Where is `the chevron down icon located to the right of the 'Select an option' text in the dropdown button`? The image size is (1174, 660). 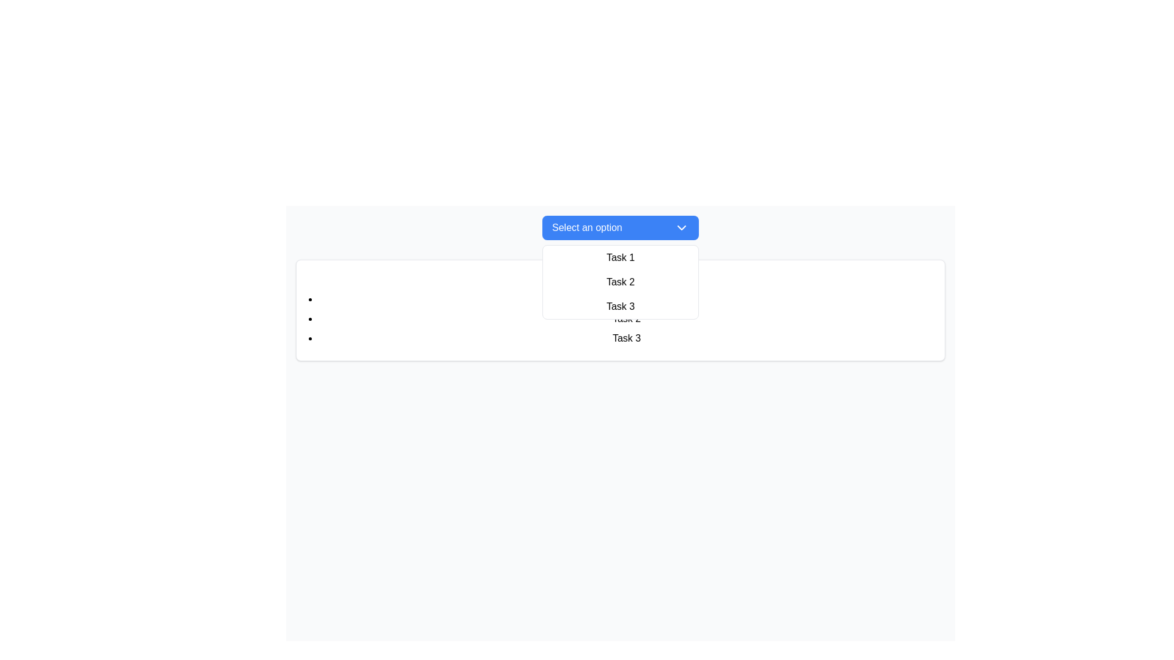
the chevron down icon located to the right of the 'Select an option' text in the dropdown button is located at coordinates (681, 228).